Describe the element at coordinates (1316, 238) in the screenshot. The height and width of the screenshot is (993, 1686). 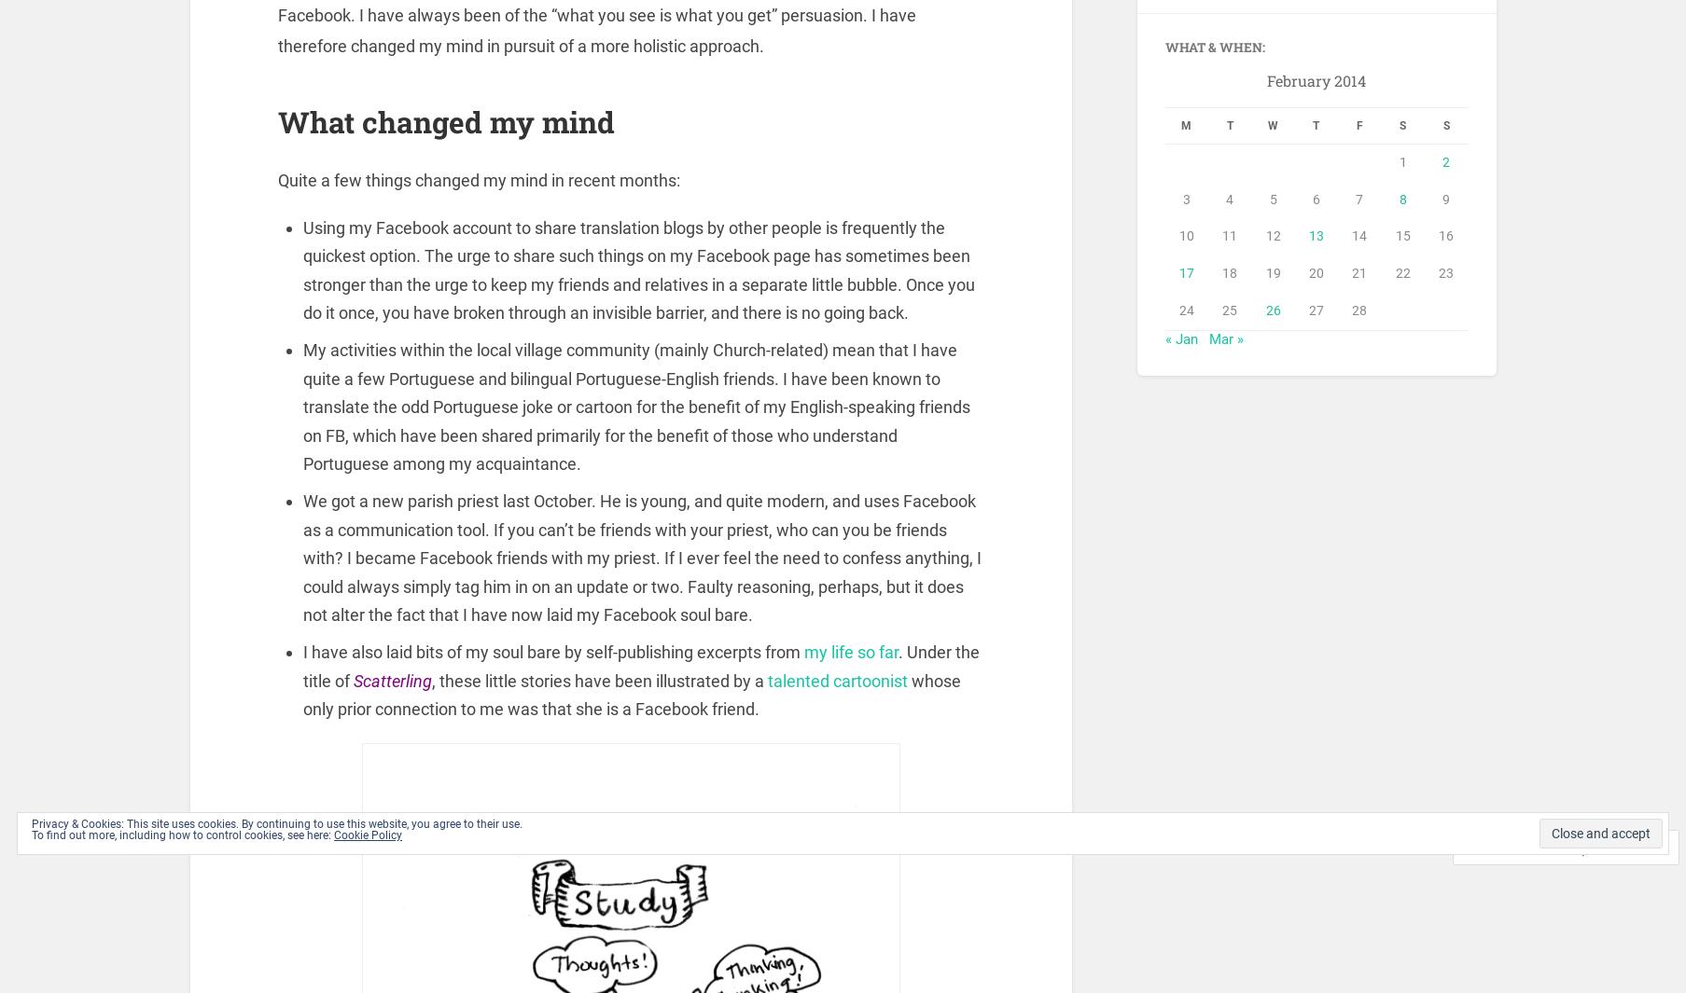
I see `'13'` at that location.